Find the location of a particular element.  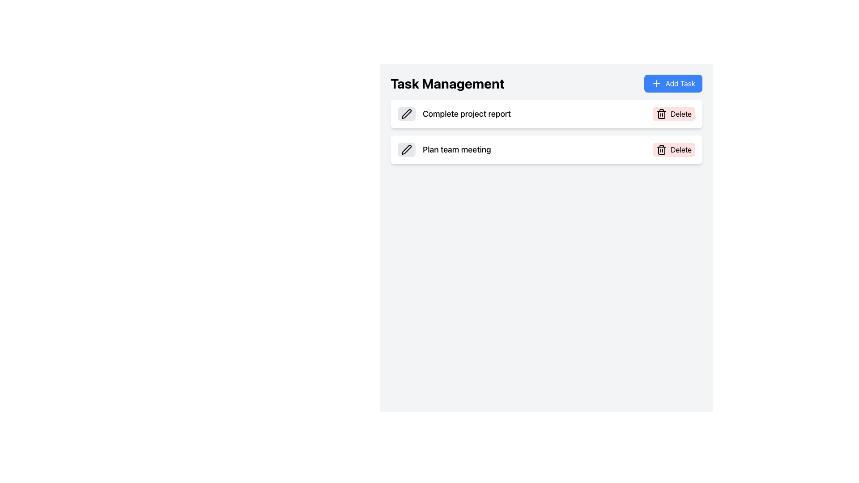

the delete button for the task 'Plan team meeting' to observe the hover effect is located at coordinates (674, 149).